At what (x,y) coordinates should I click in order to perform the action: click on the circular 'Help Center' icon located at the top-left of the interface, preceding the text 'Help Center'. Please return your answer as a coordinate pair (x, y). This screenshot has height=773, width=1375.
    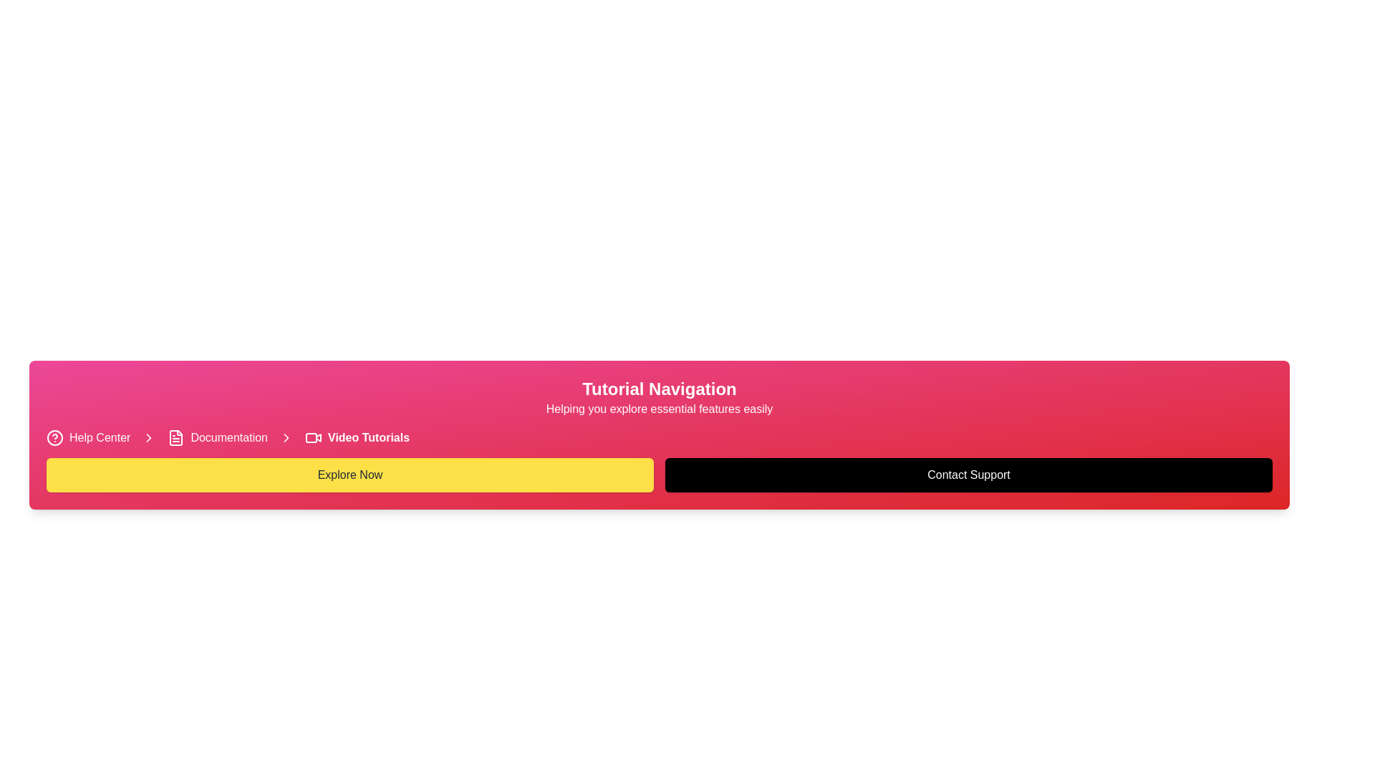
    Looking at the image, I should click on (54, 437).